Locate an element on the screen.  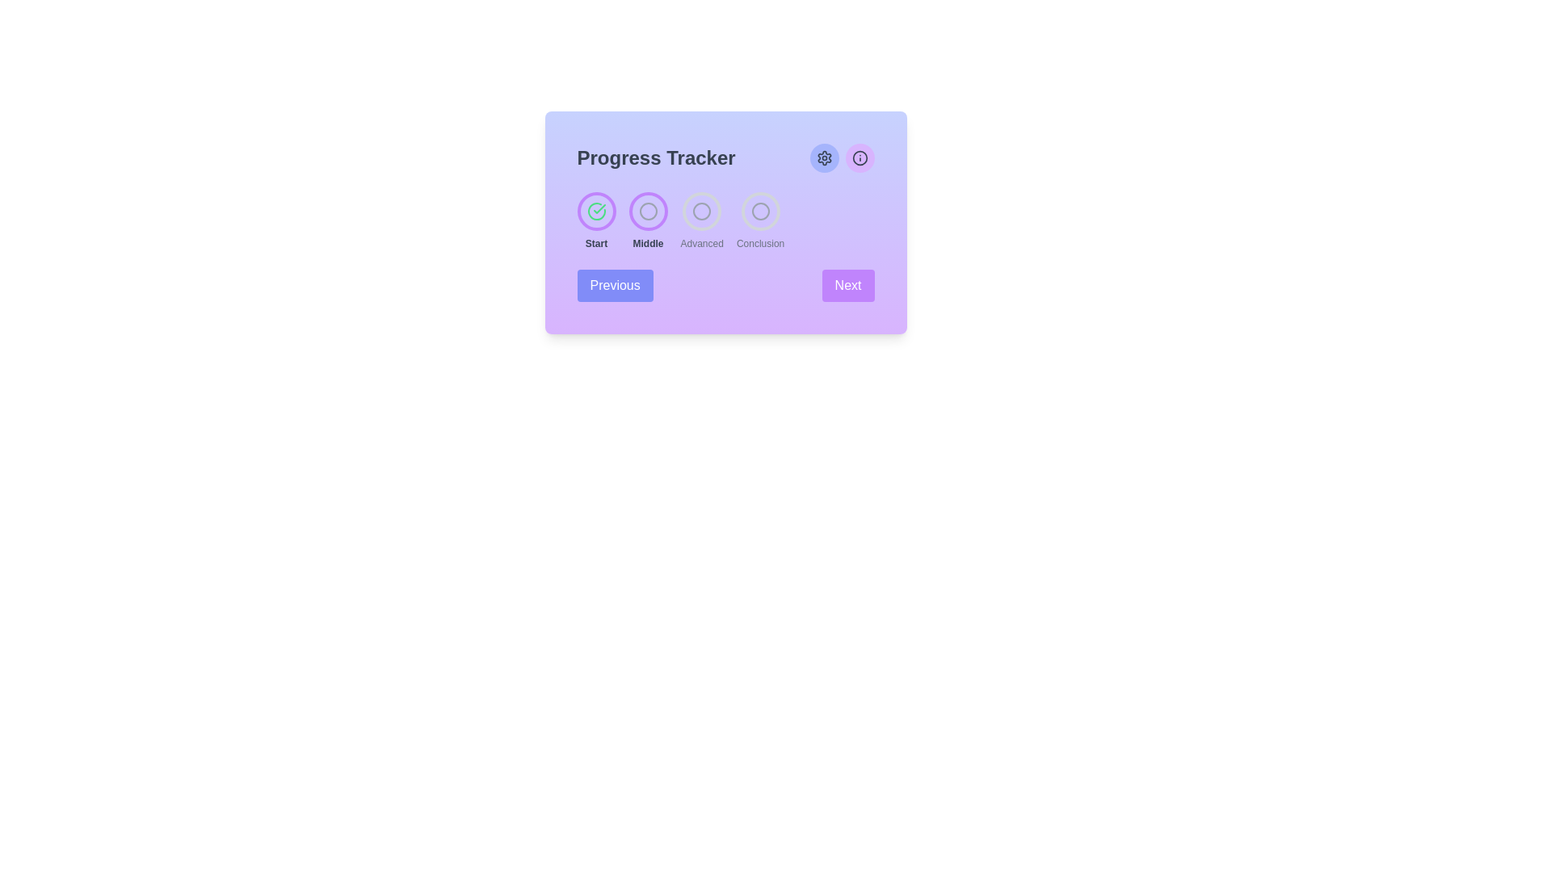
the state of the progress indicator labeled 'Middle', which is the second circular component with a purple border and gray inner circle in the series of progress indicators is located at coordinates (648, 211).